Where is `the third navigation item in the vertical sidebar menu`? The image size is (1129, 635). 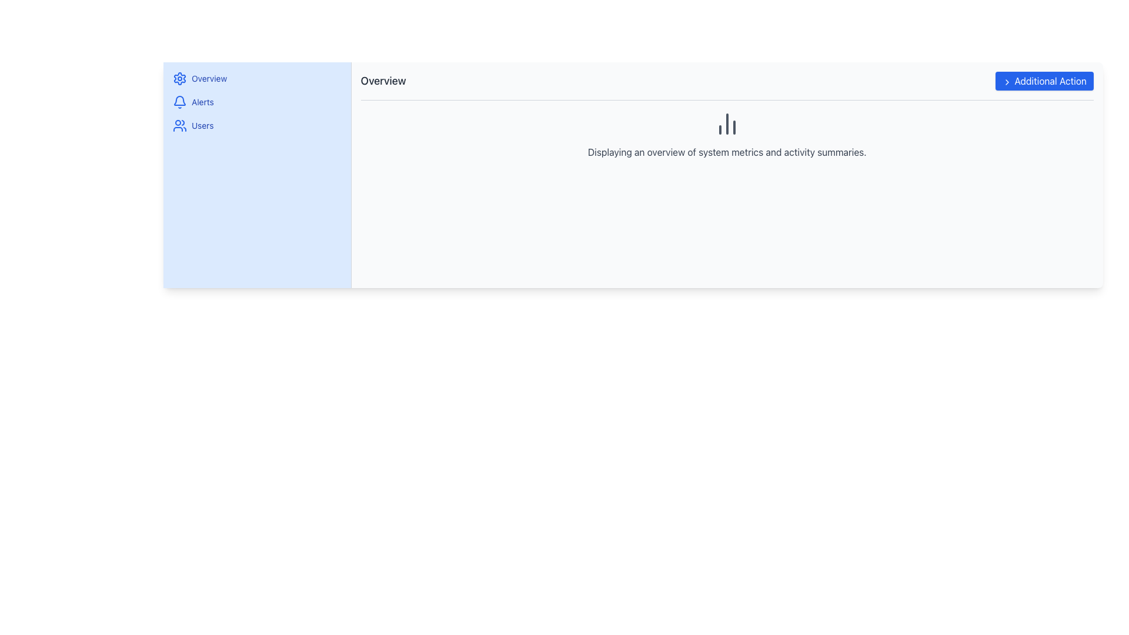
the third navigation item in the vertical sidebar menu is located at coordinates (256, 125).